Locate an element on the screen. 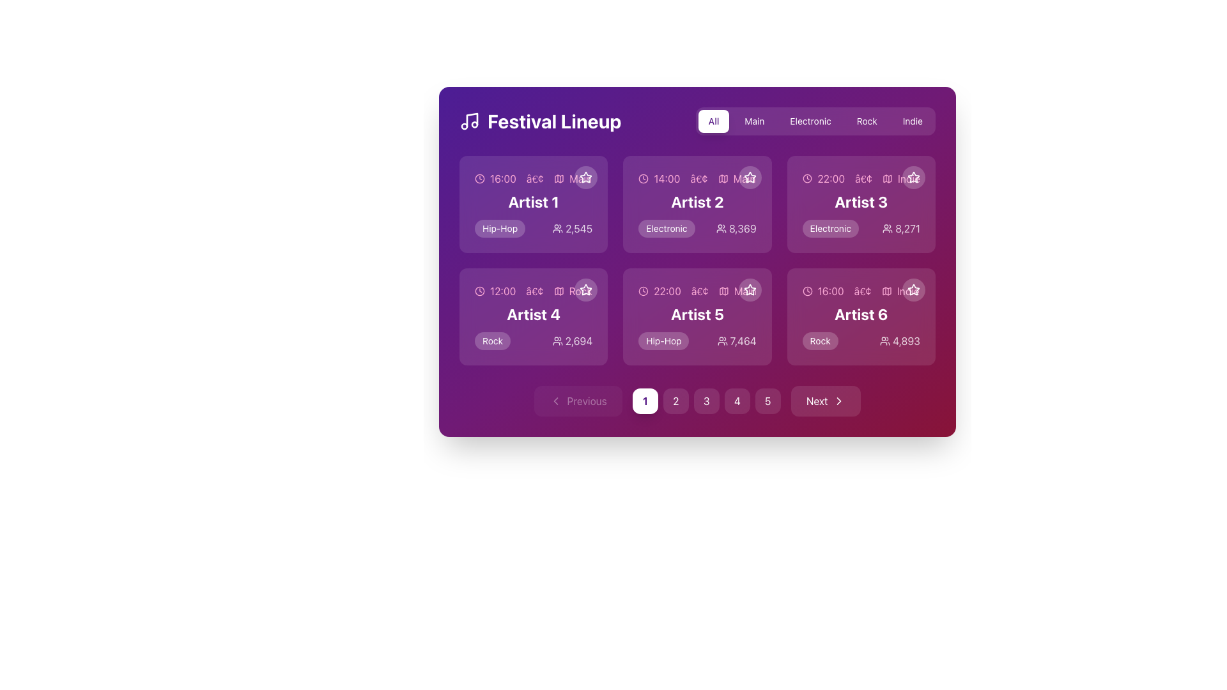 The width and height of the screenshot is (1227, 690). the textual separator element located in the 'Artist 2' panel under '14:00', positioned between the time label and a map icon is located at coordinates (698, 179).